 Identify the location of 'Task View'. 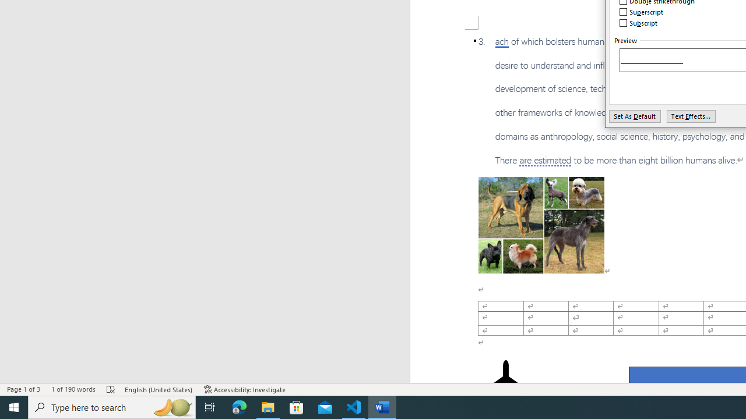
(209, 406).